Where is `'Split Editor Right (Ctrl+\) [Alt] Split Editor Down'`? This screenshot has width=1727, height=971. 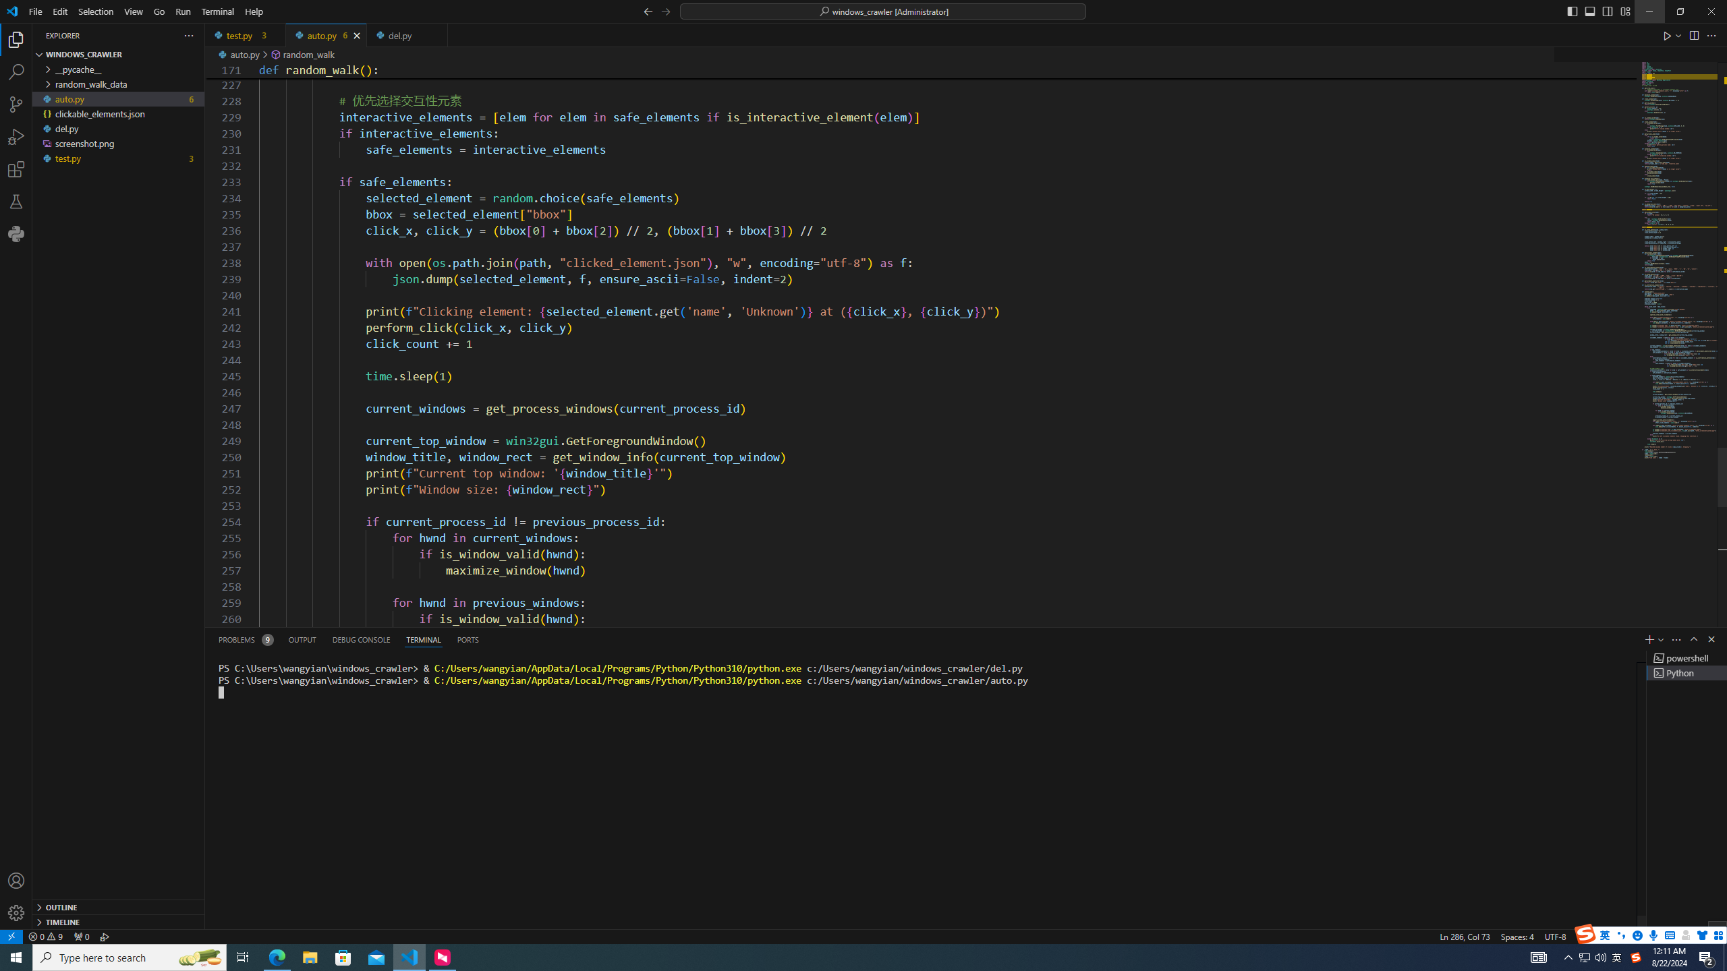 'Split Editor Right (Ctrl+\) [Alt] Split Editor Down' is located at coordinates (1694, 34).